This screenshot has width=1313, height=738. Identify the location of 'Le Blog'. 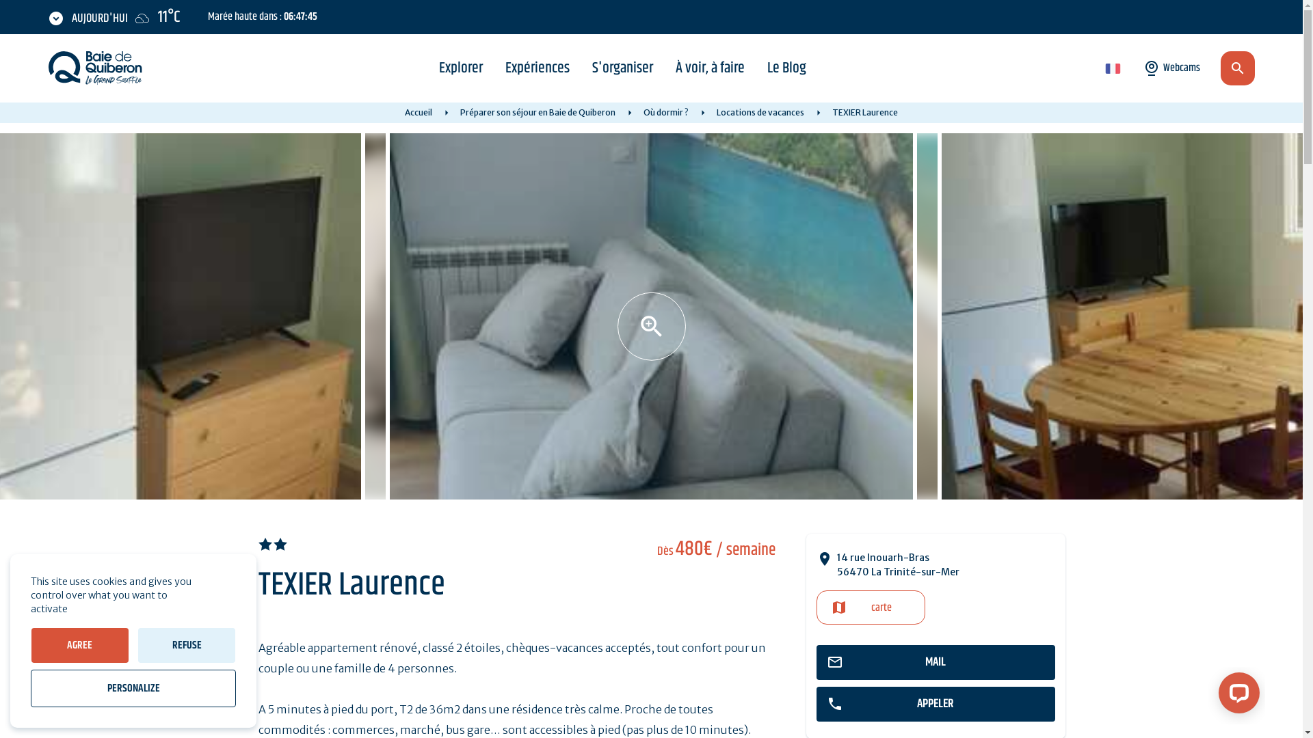
(786, 68).